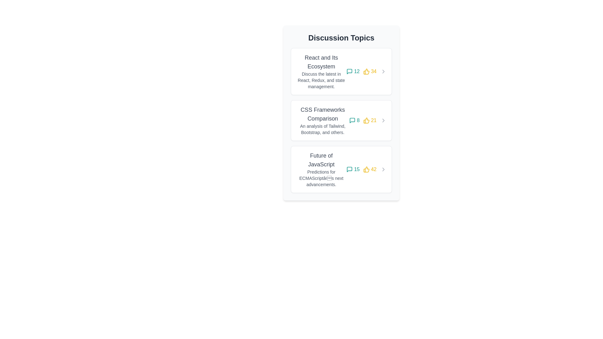 This screenshot has width=603, height=339. Describe the element at coordinates (321, 62) in the screenshot. I see `the static text label displaying 'React and Its Ecosystem', which is styled in large gray font and serves as the header for the first discussion topic card` at that location.